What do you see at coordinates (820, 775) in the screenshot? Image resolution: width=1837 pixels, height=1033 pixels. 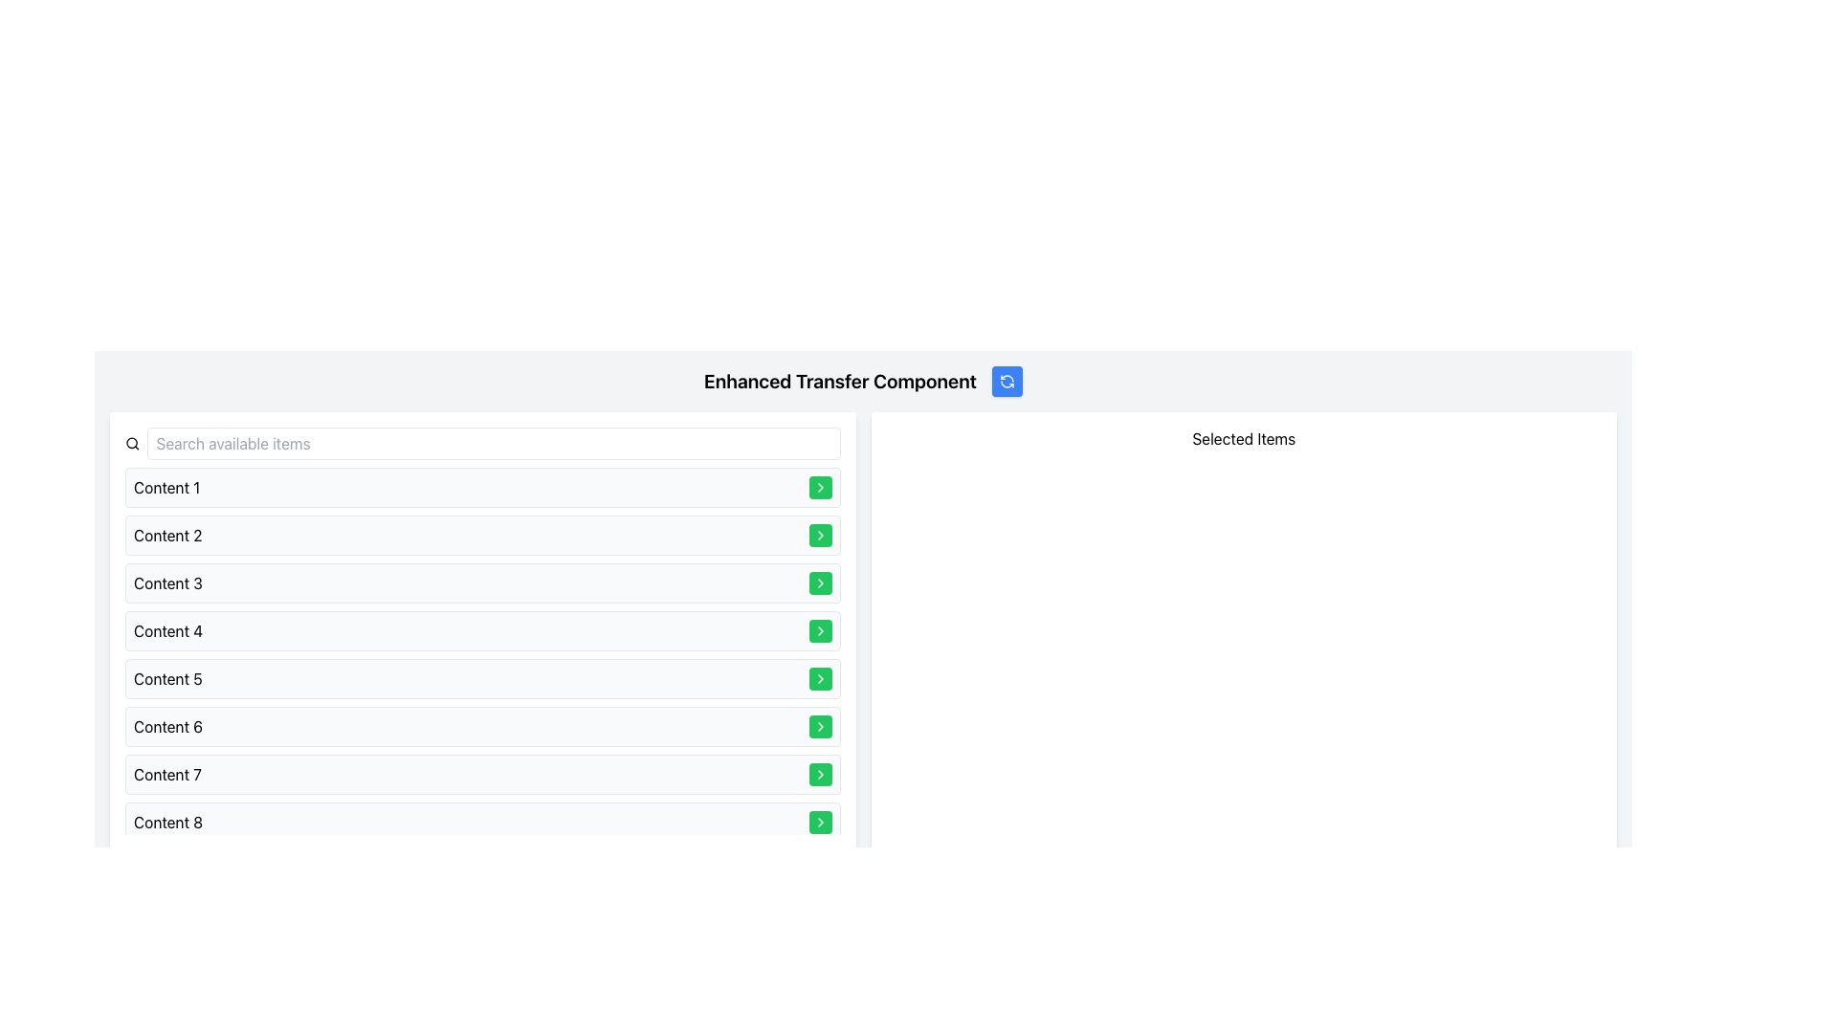 I see `the rightward-pointing chevron icon located inside the green circular button on the right side of the eighth list item labeled 'Content 8'` at bounding box center [820, 775].